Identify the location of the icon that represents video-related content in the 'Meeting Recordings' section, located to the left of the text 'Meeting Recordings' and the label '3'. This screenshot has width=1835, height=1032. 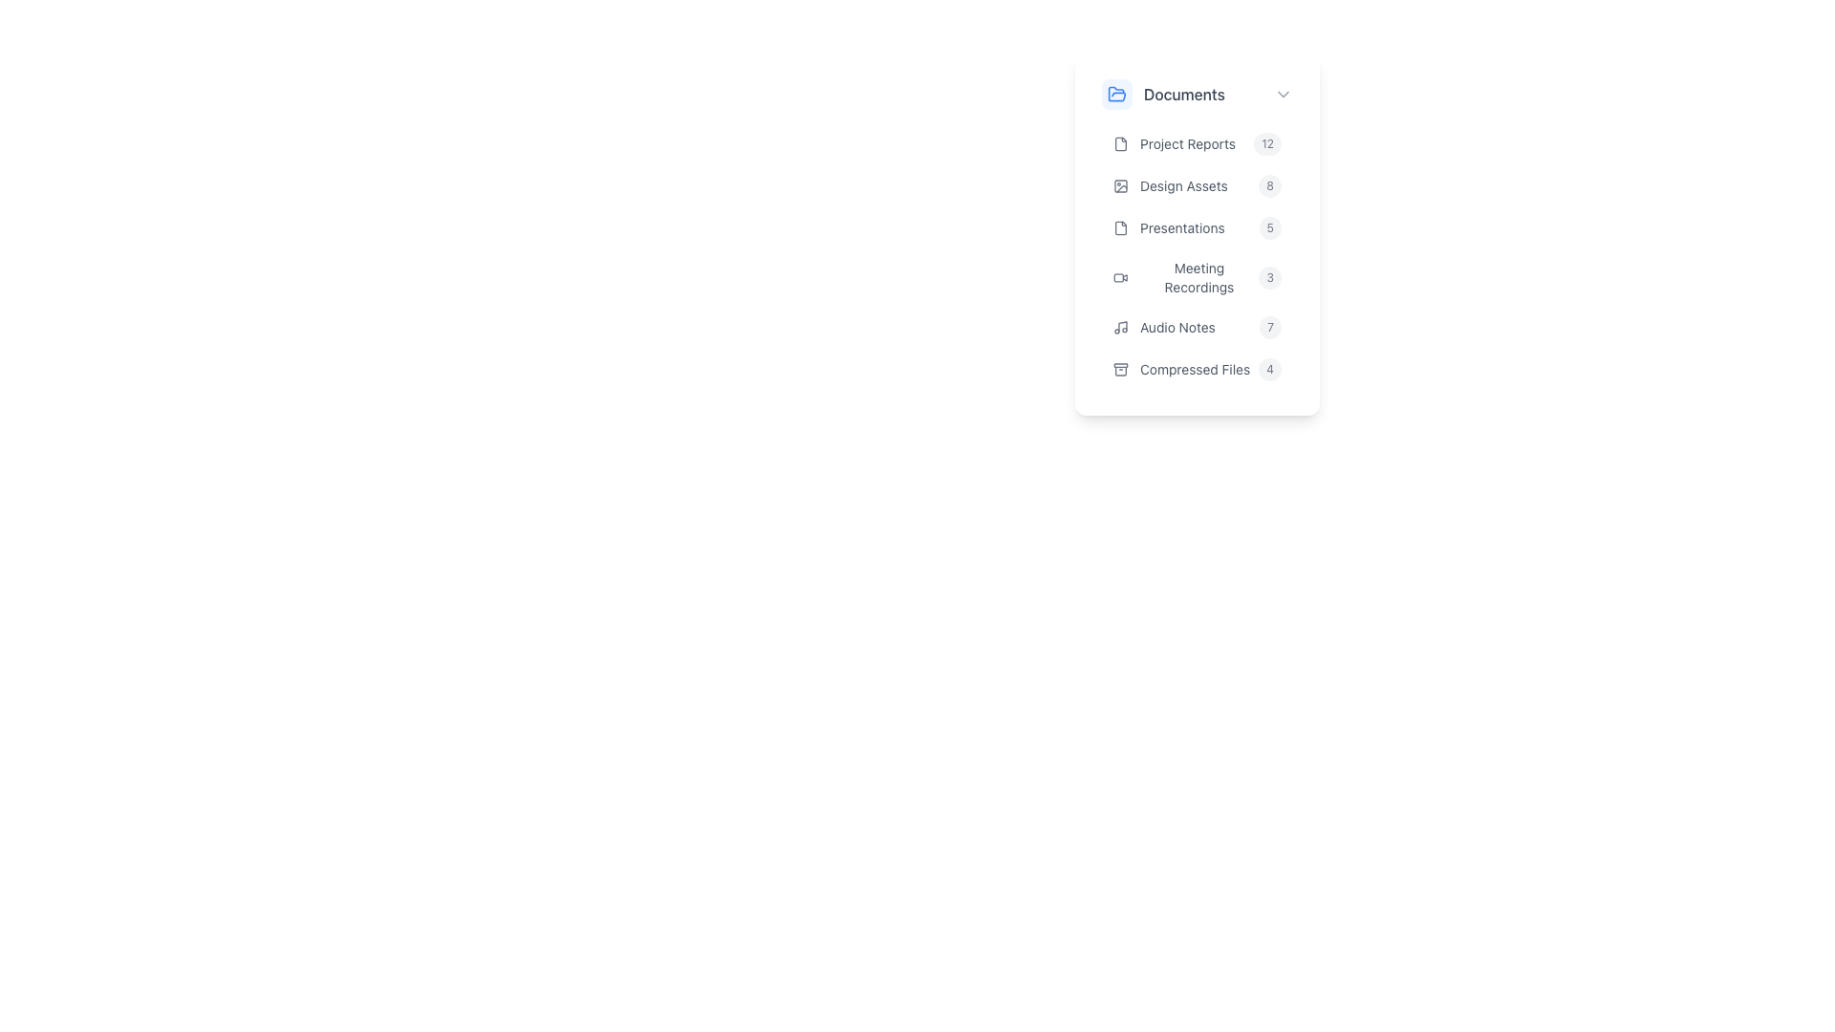
(1120, 277).